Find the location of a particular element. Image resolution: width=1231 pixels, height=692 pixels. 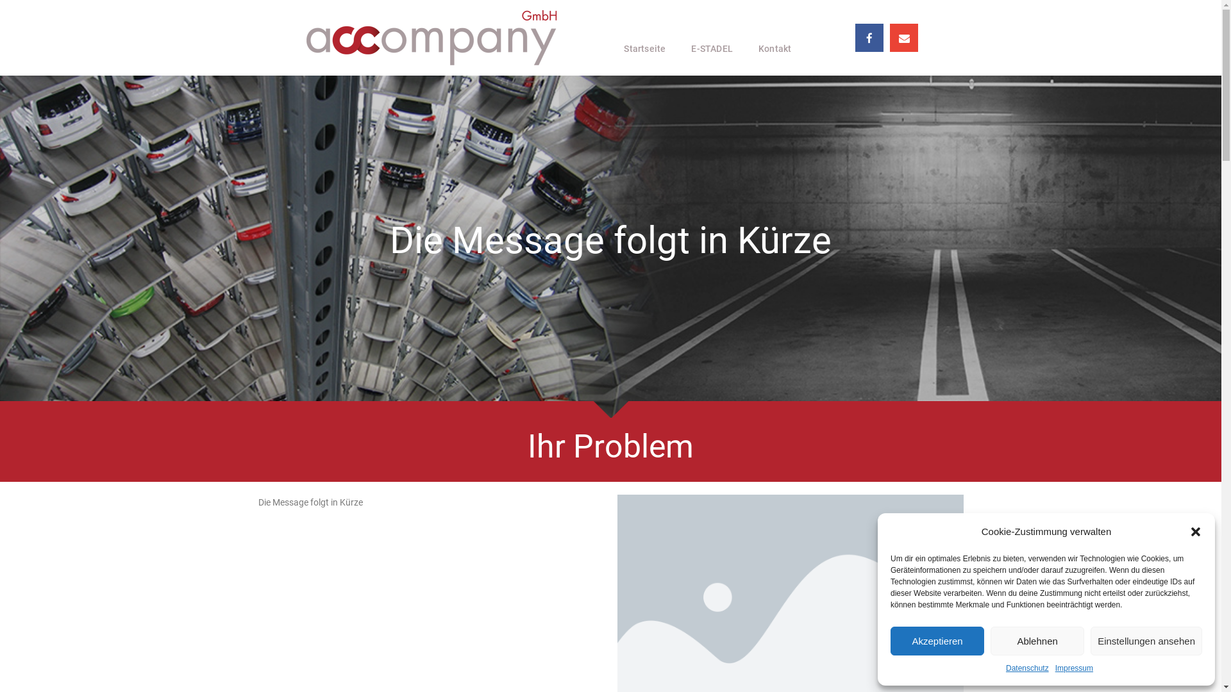

'Impressum' is located at coordinates (1074, 668).